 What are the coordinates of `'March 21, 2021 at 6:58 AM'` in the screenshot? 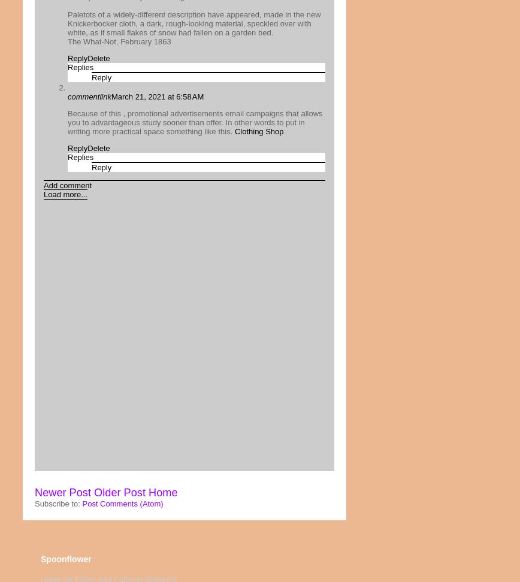 It's located at (157, 97).